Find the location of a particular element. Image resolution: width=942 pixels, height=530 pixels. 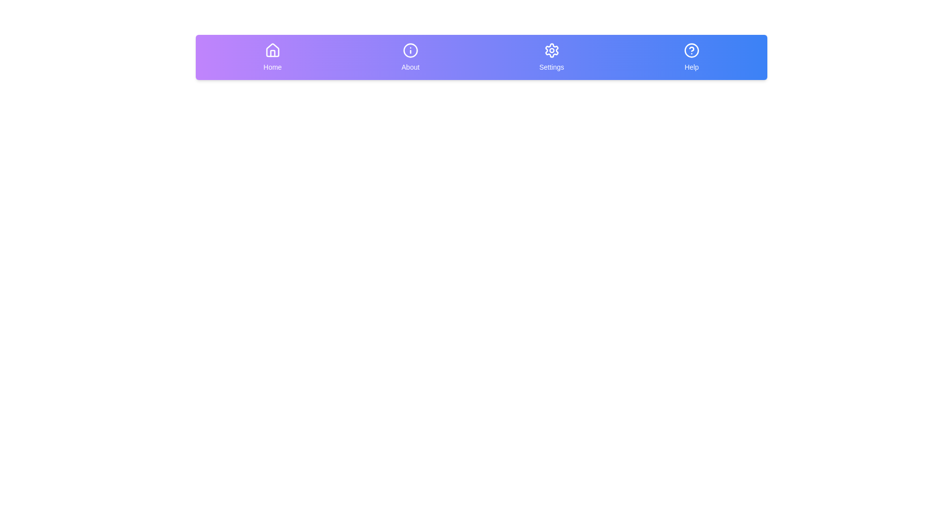

the outlined house icon in the navigation bar is located at coordinates (272, 51).